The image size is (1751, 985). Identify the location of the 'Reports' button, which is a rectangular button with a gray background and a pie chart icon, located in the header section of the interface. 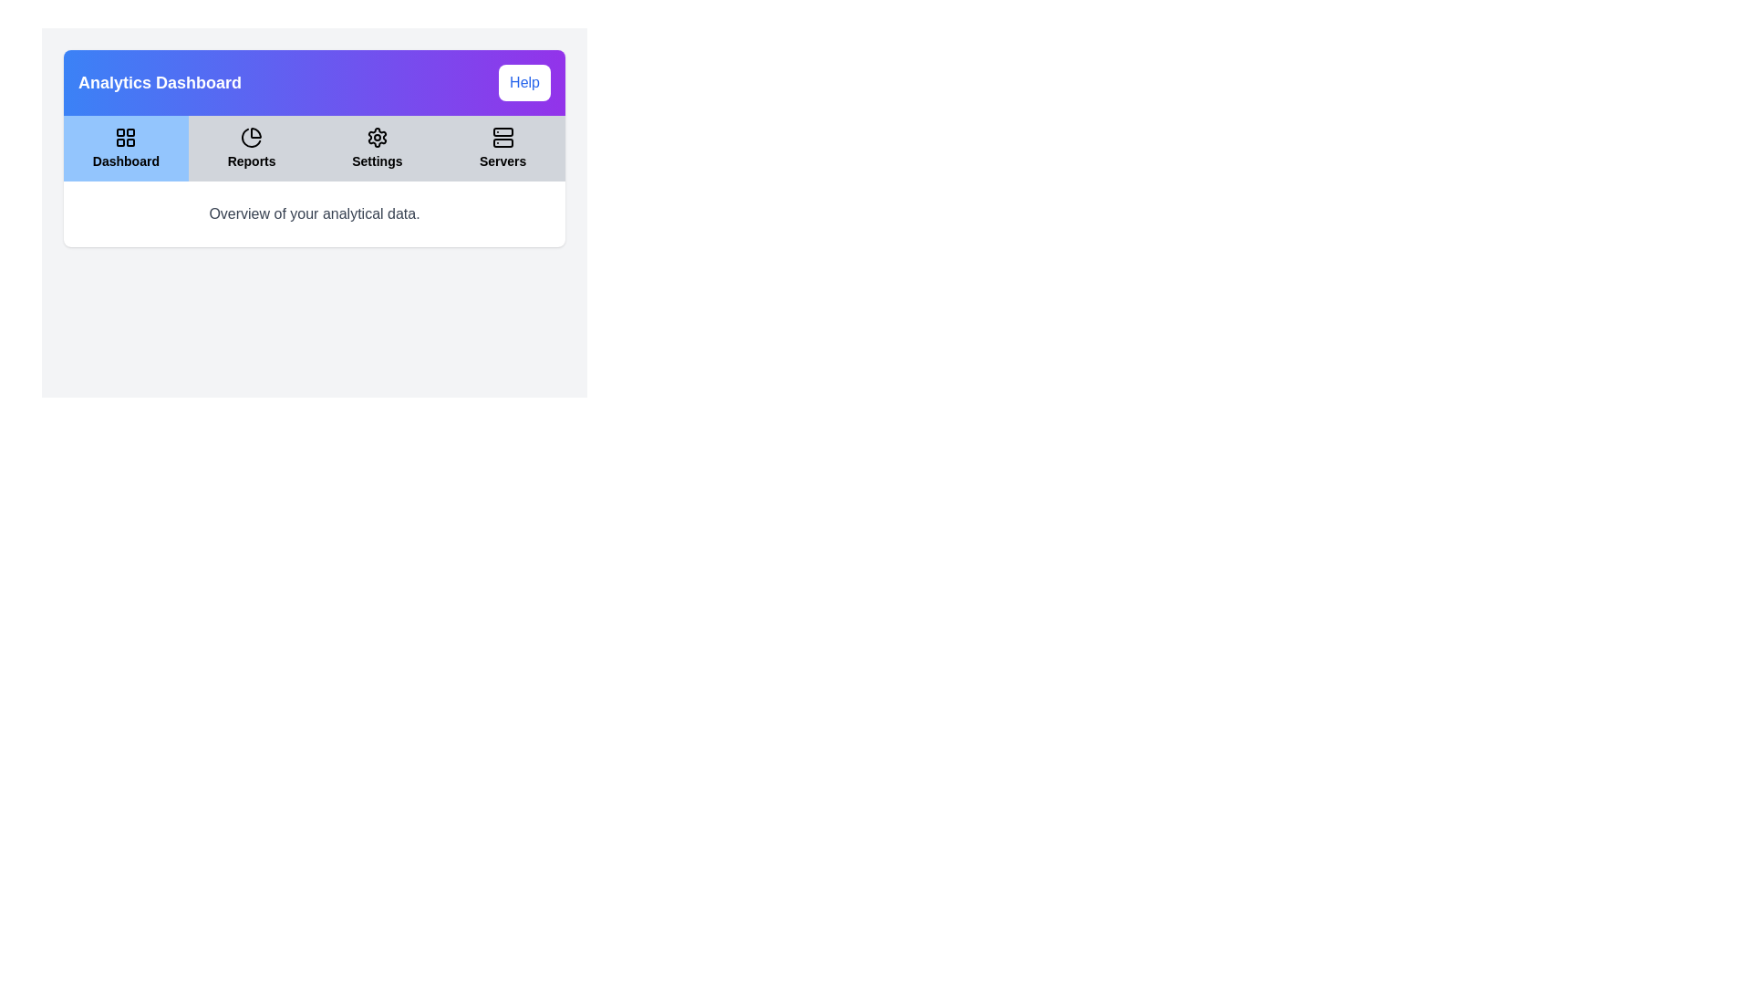
(250, 147).